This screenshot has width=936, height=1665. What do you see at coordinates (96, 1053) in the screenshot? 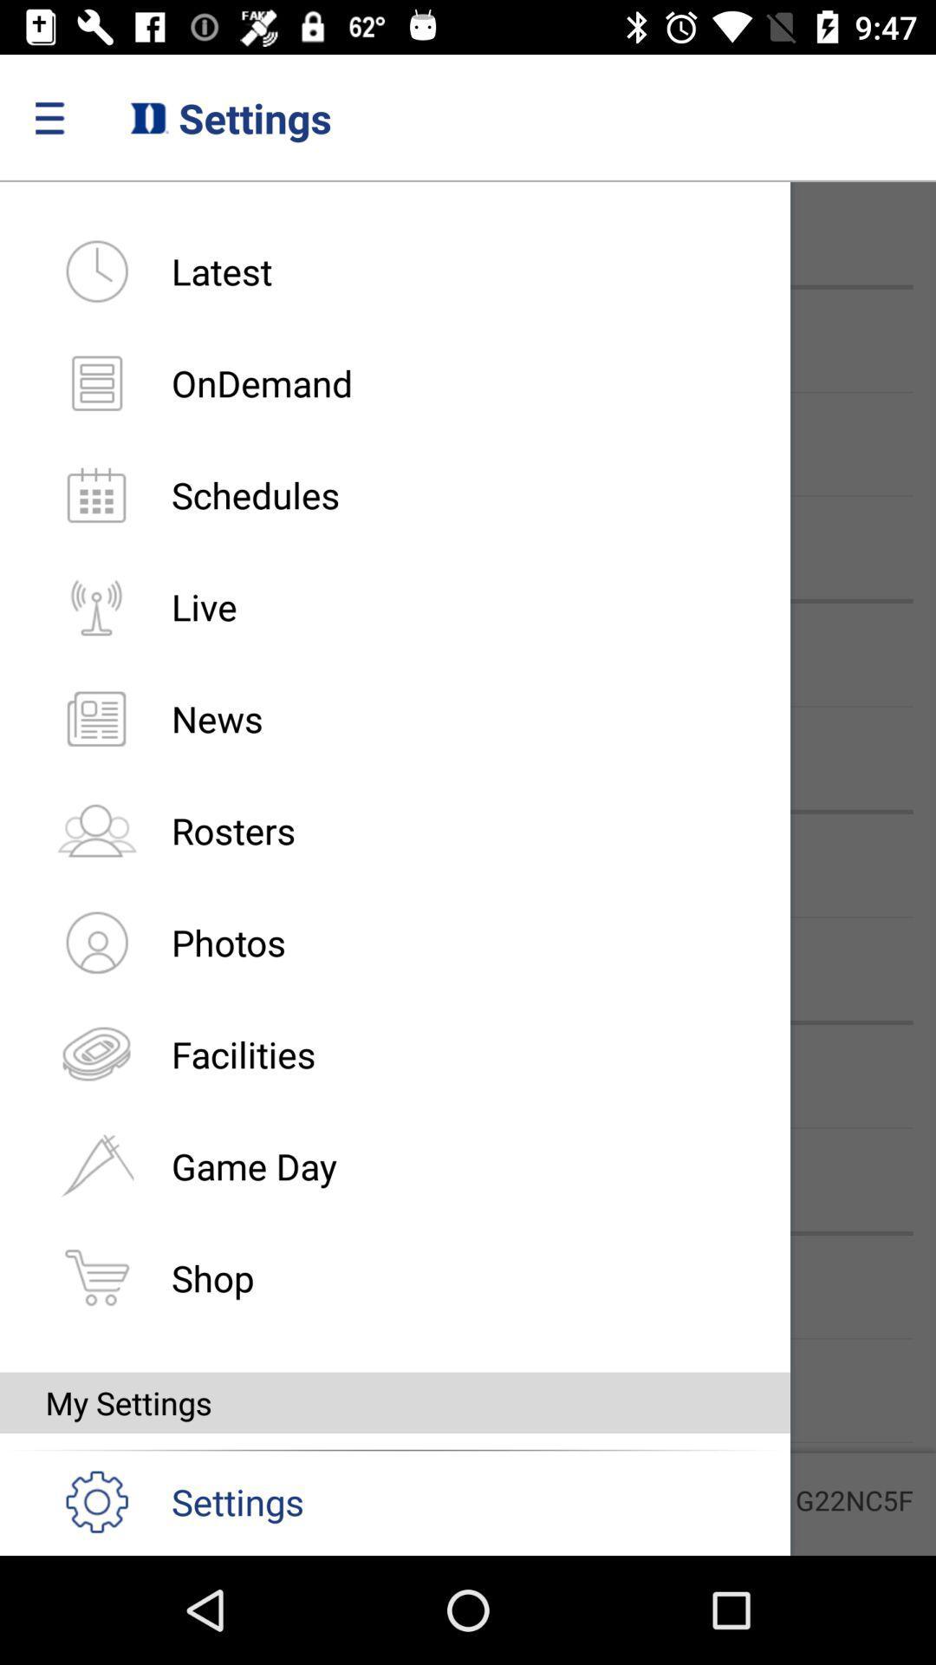
I see `the eighth option under settings` at bounding box center [96, 1053].